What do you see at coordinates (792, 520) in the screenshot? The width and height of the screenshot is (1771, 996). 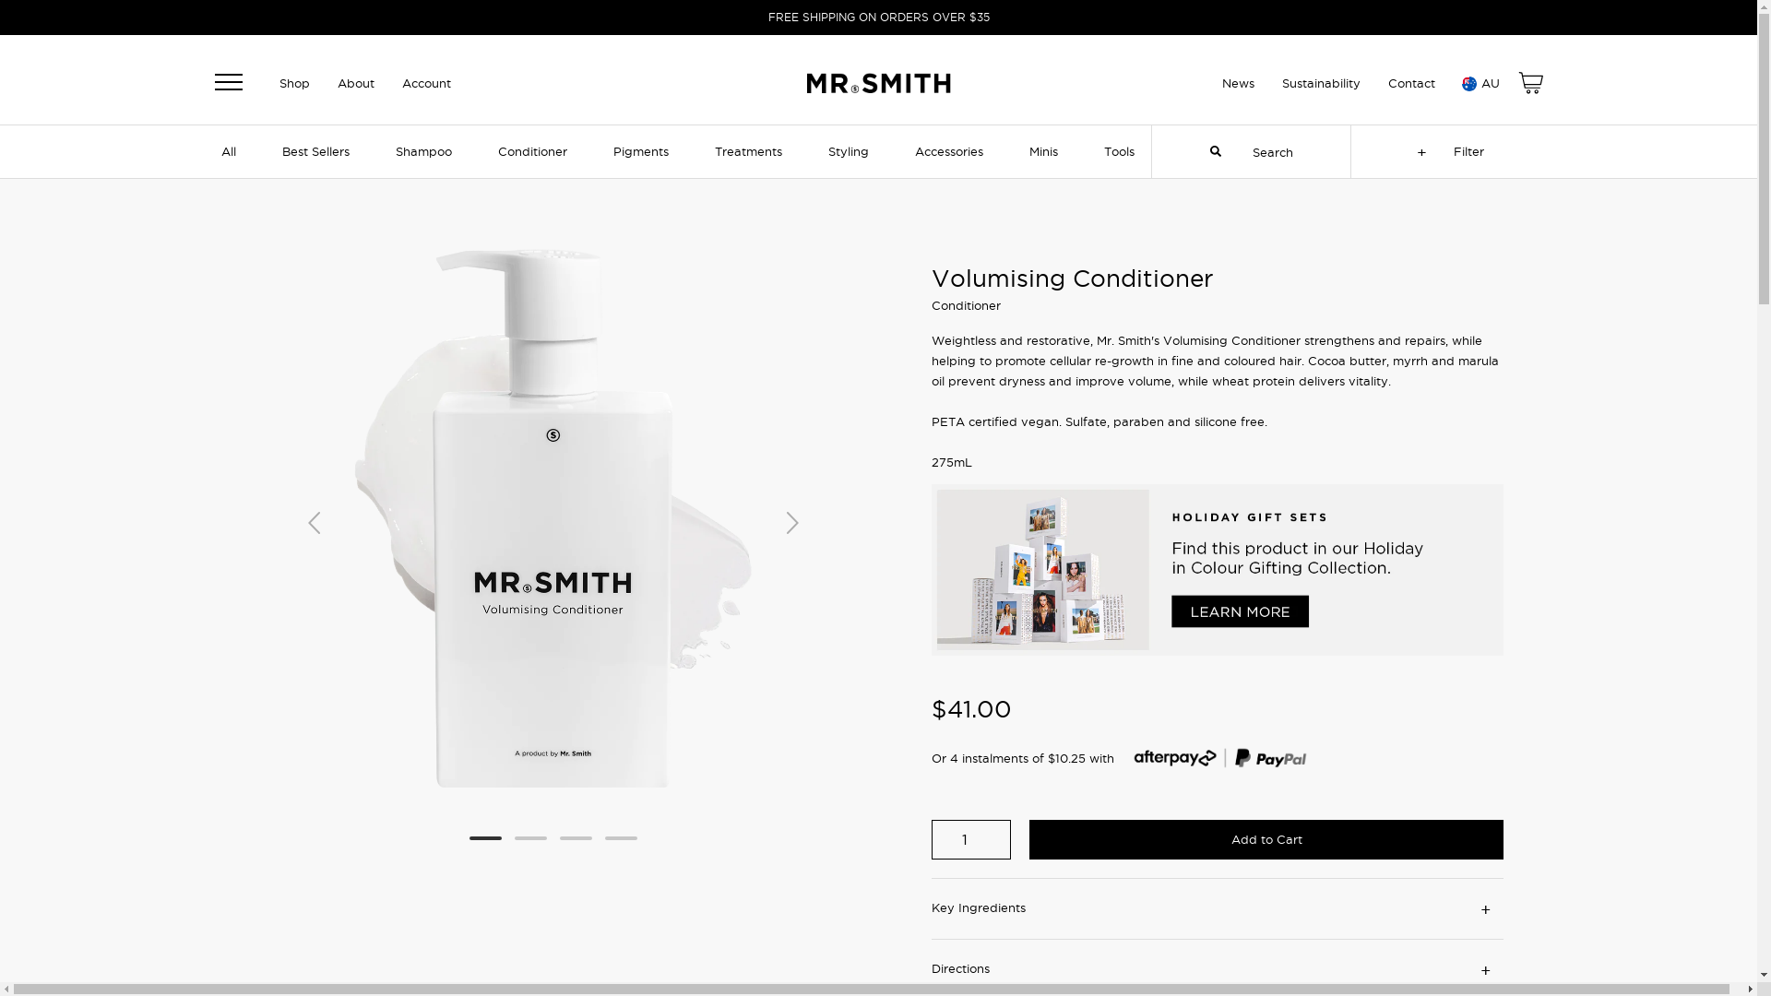 I see `'Next'` at bounding box center [792, 520].